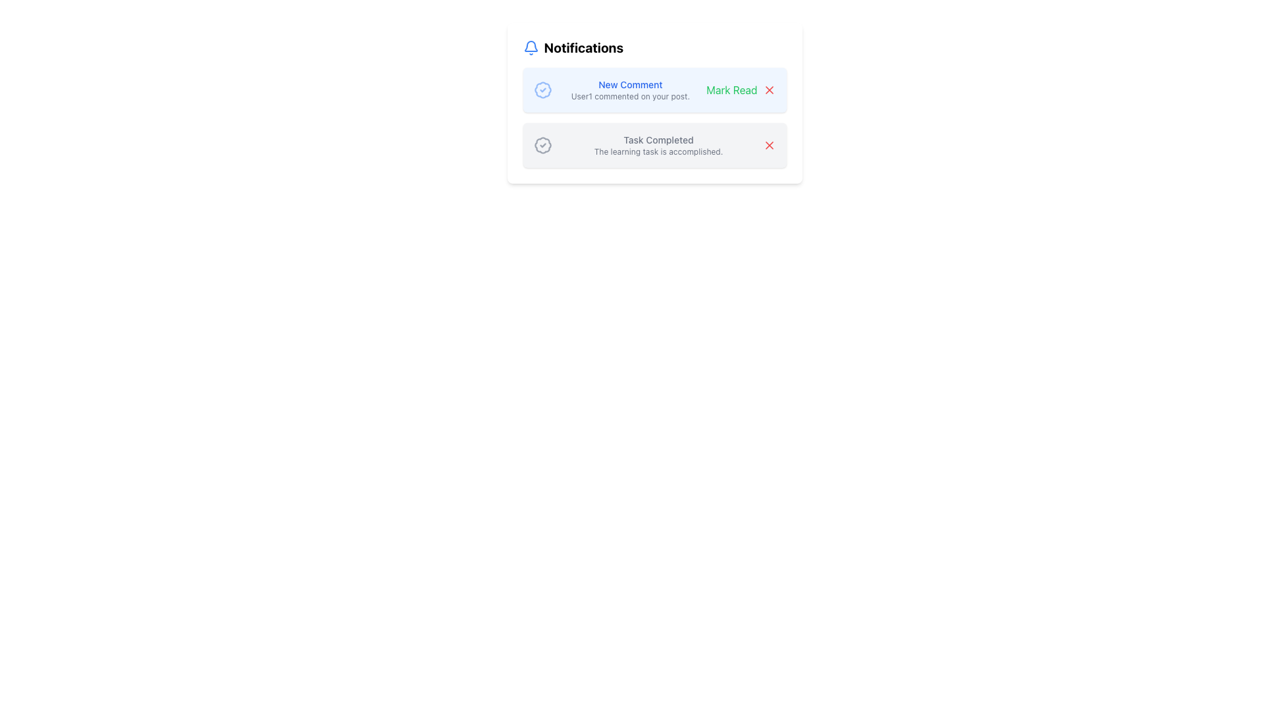 Image resolution: width=1264 pixels, height=711 pixels. I want to click on notification content from the text block that displays 'New Comment' in bold blue font and 'User1 commented on your post.' in smaller gray font, so click(629, 90).